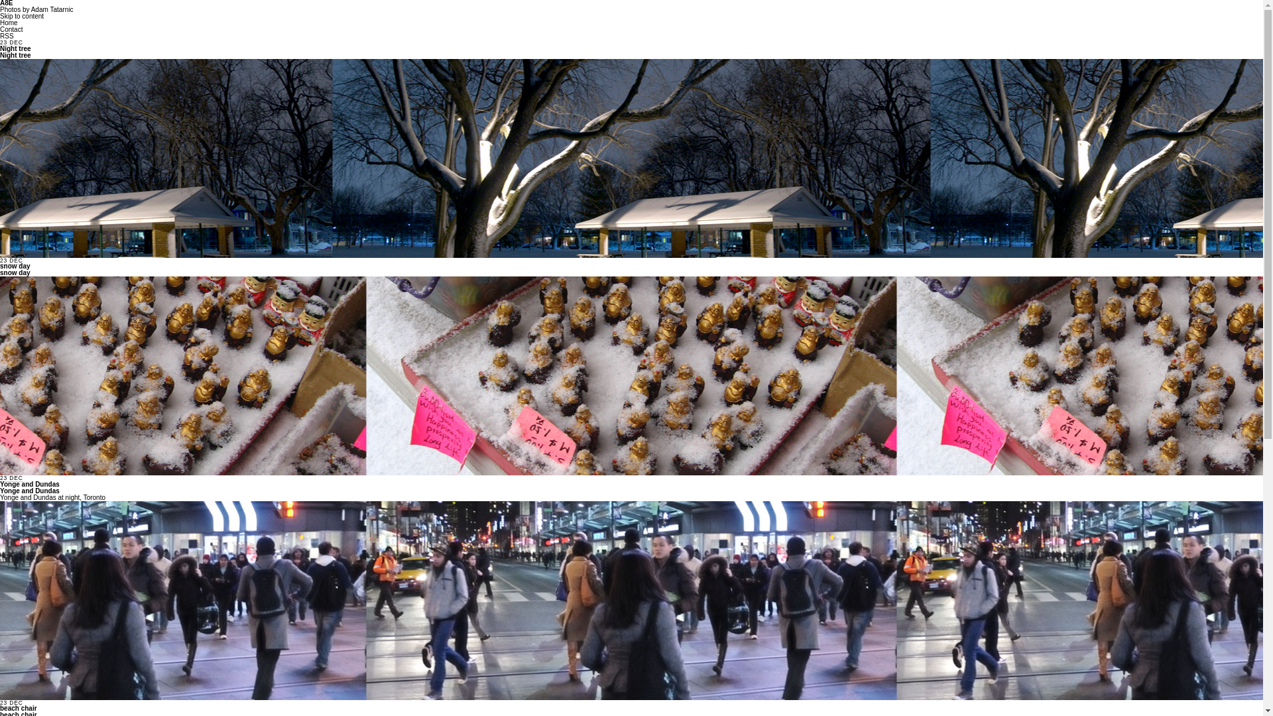 The width and height of the screenshot is (1273, 716). I want to click on 'Contact', so click(11, 29).